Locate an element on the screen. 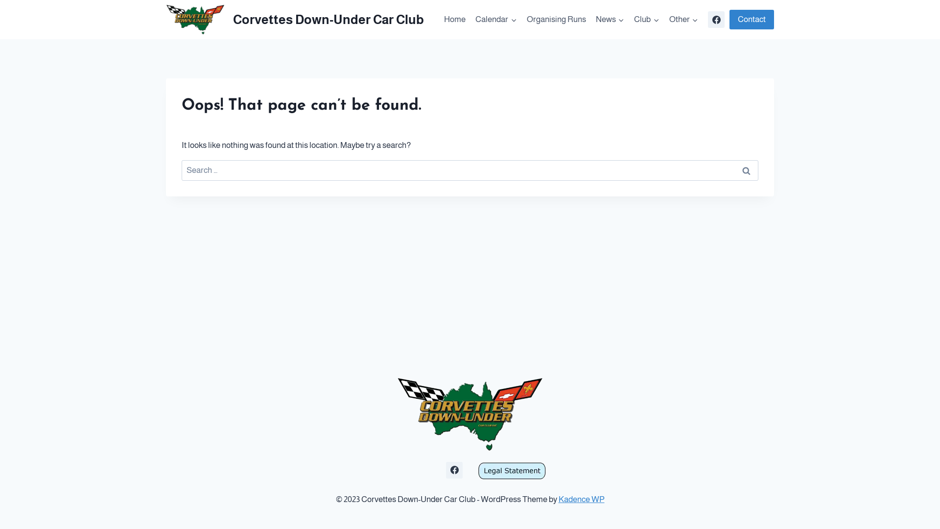  'News' is located at coordinates (610, 19).